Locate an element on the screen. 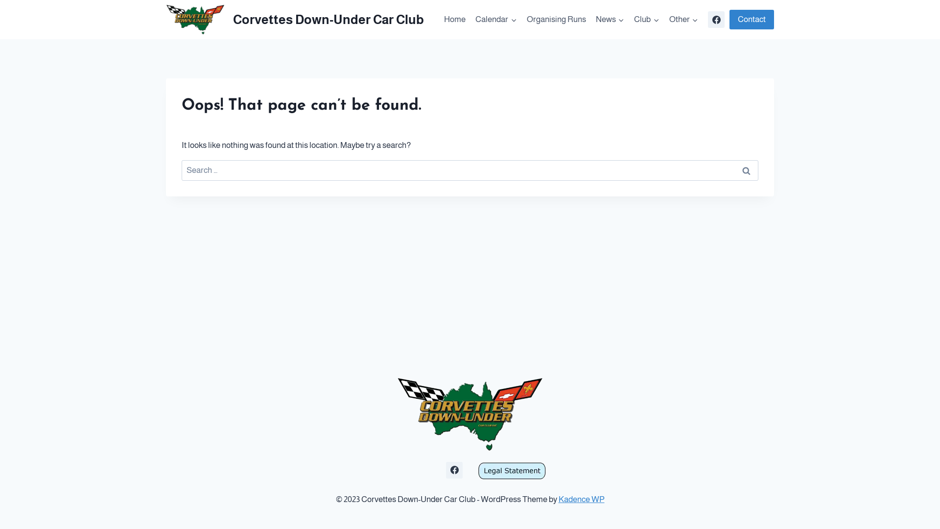  'News' is located at coordinates (610, 19).